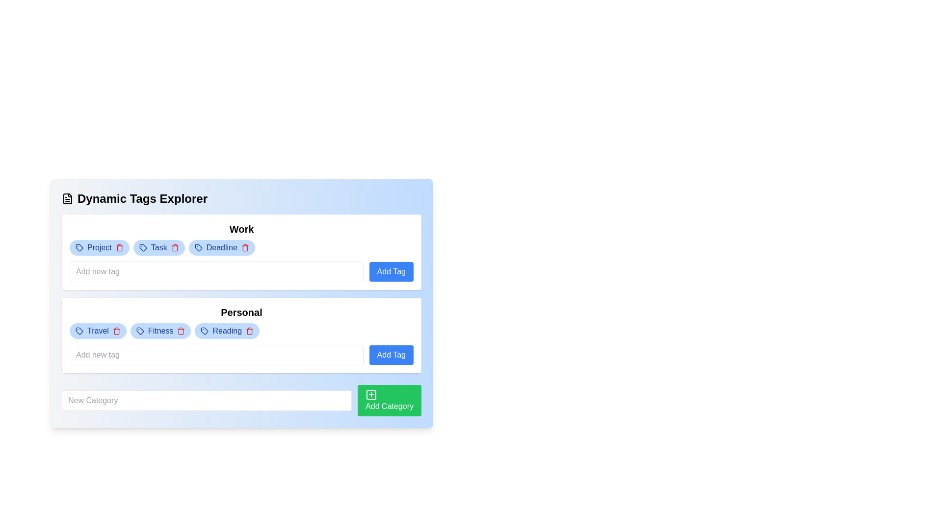 This screenshot has width=942, height=529. What do you see at coordinates (204, 331) in the screenshot?
I see `the small tag-shaped icon with a circular mark inside it, which represents the 'Reading' tag in the 'Personal' category section, located to the left of the tag's text` at bounding box center [204, 331].